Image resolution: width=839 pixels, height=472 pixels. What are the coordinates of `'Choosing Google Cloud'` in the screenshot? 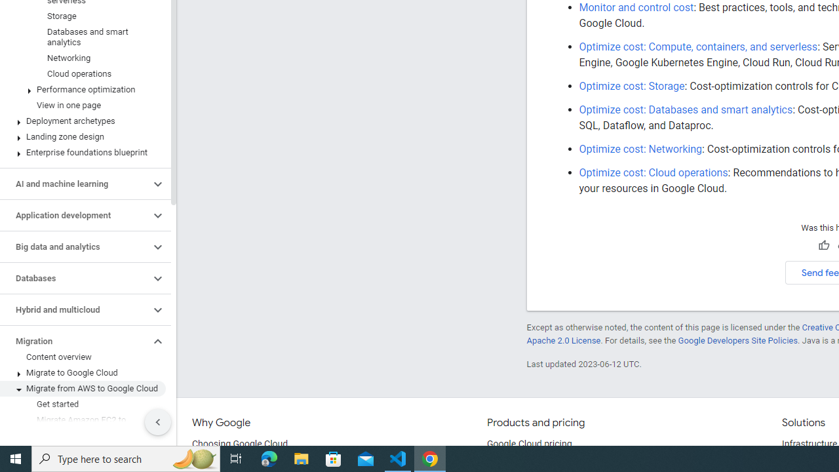 It's located at (240, 443).